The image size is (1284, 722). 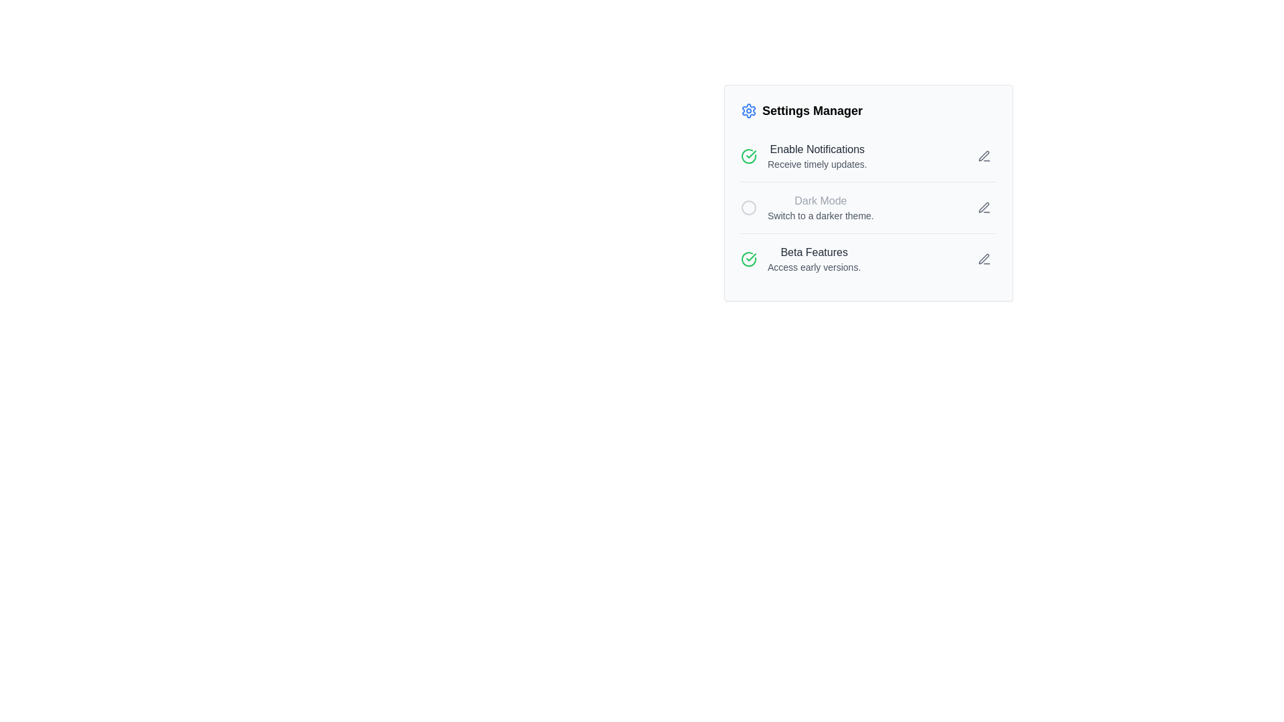 I want to click on the 'Beta Features' text display in the 'Settings Manager' panel, which is the third entry below 'Dark Mode', so click(x=813, y=259).